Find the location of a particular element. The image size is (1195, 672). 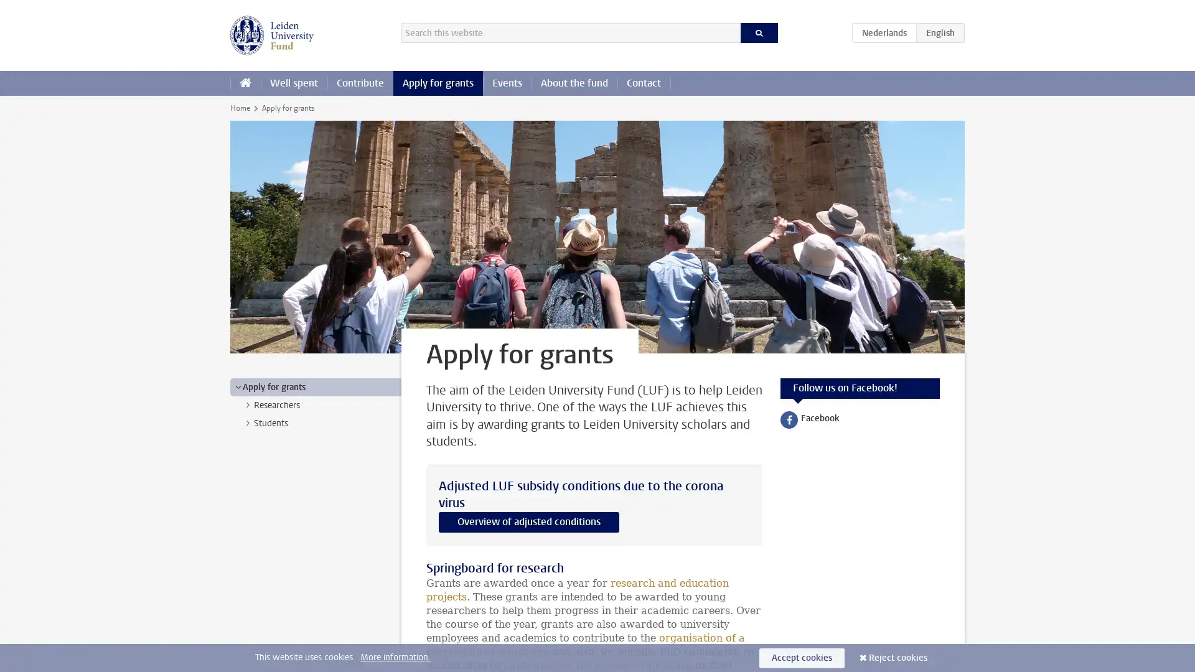

Accept cookies is located at coordinates (802, 657).